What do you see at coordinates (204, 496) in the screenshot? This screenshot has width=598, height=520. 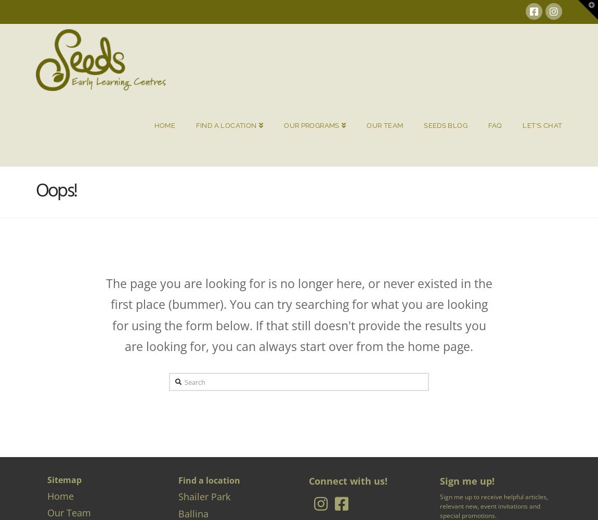 I see `'Shailer Park'` at bounding box center [204, 496].